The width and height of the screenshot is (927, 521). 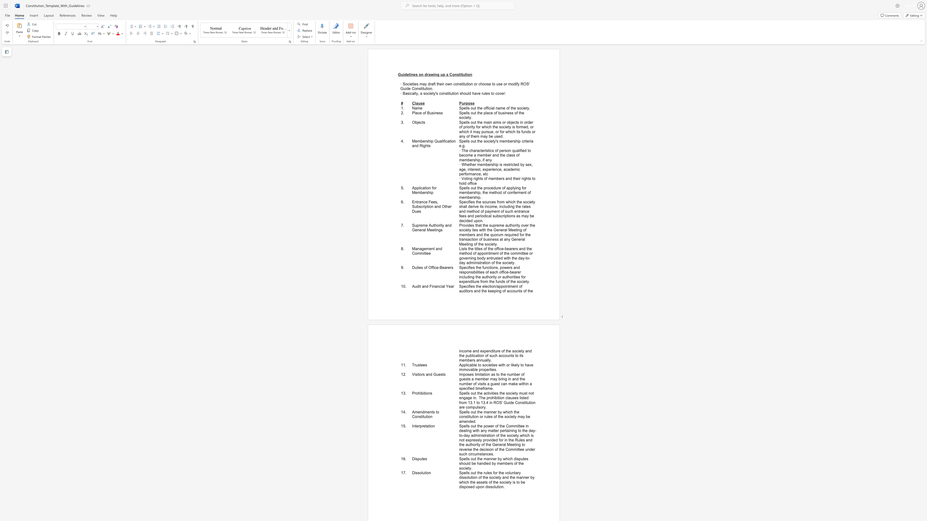 I want to click on the subset text "g." within the text "Spells out the society", so click(x=462, y=146).